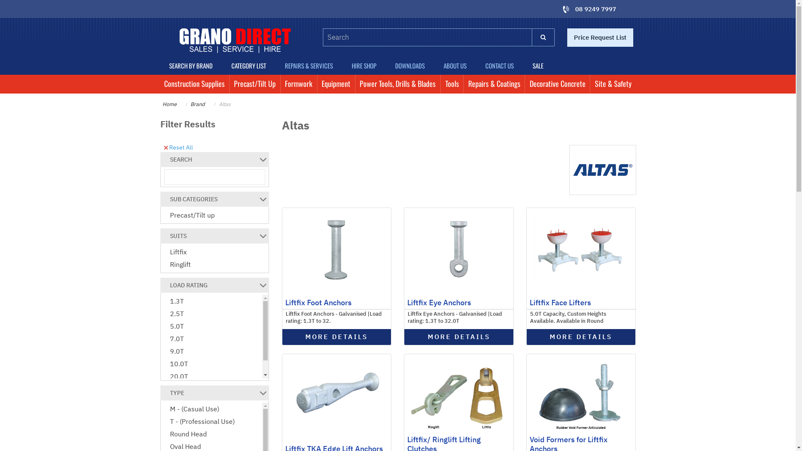  I want to click on 'Power Tools, Drills & Blades', so click(397, 84).